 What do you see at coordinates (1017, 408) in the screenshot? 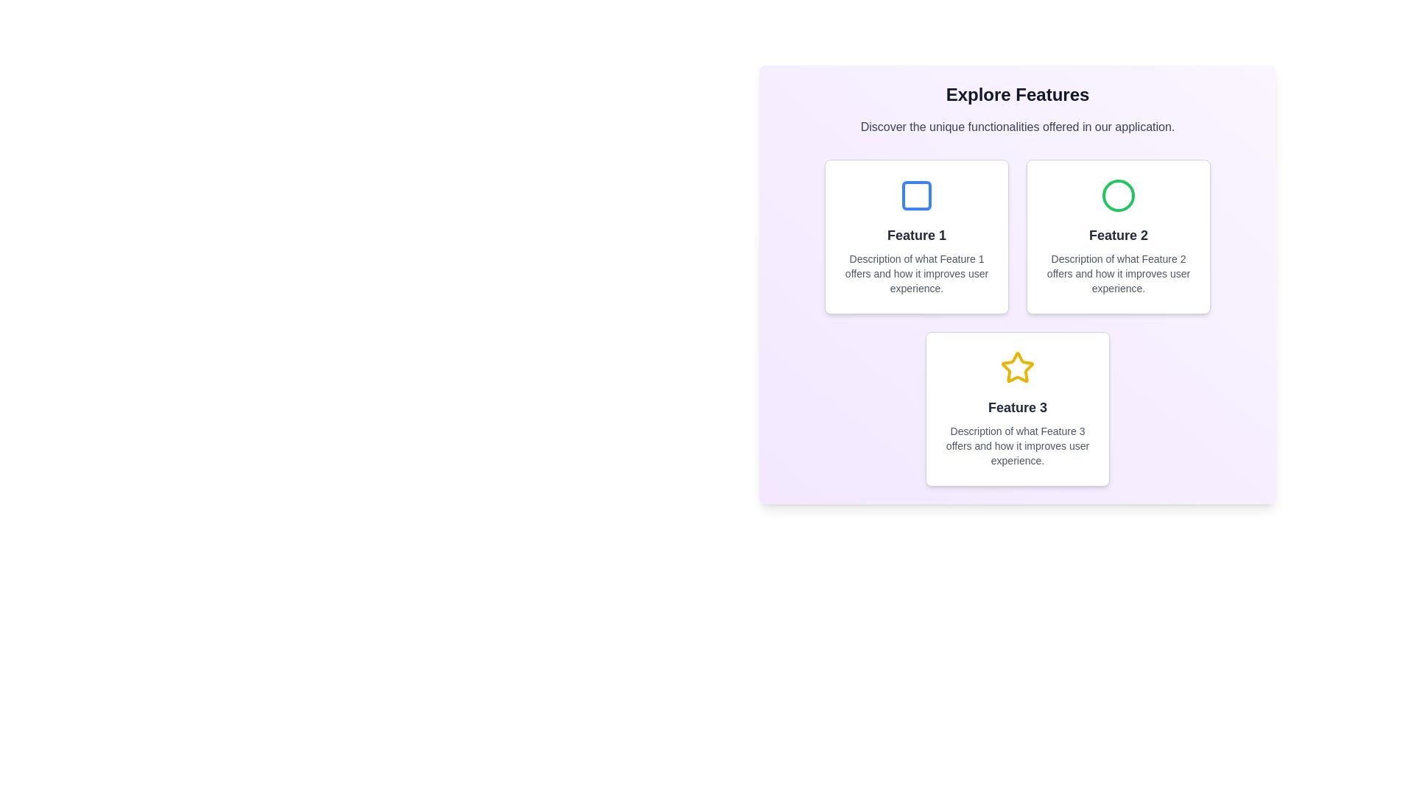
I see `the text label titled 'Feature 3' located in the center of the bottom card among three horizontal cards, positioned beneath a yellow star icon and above a descriptive paragraph for accessibility purposes` at bounding box center [1017, 408].